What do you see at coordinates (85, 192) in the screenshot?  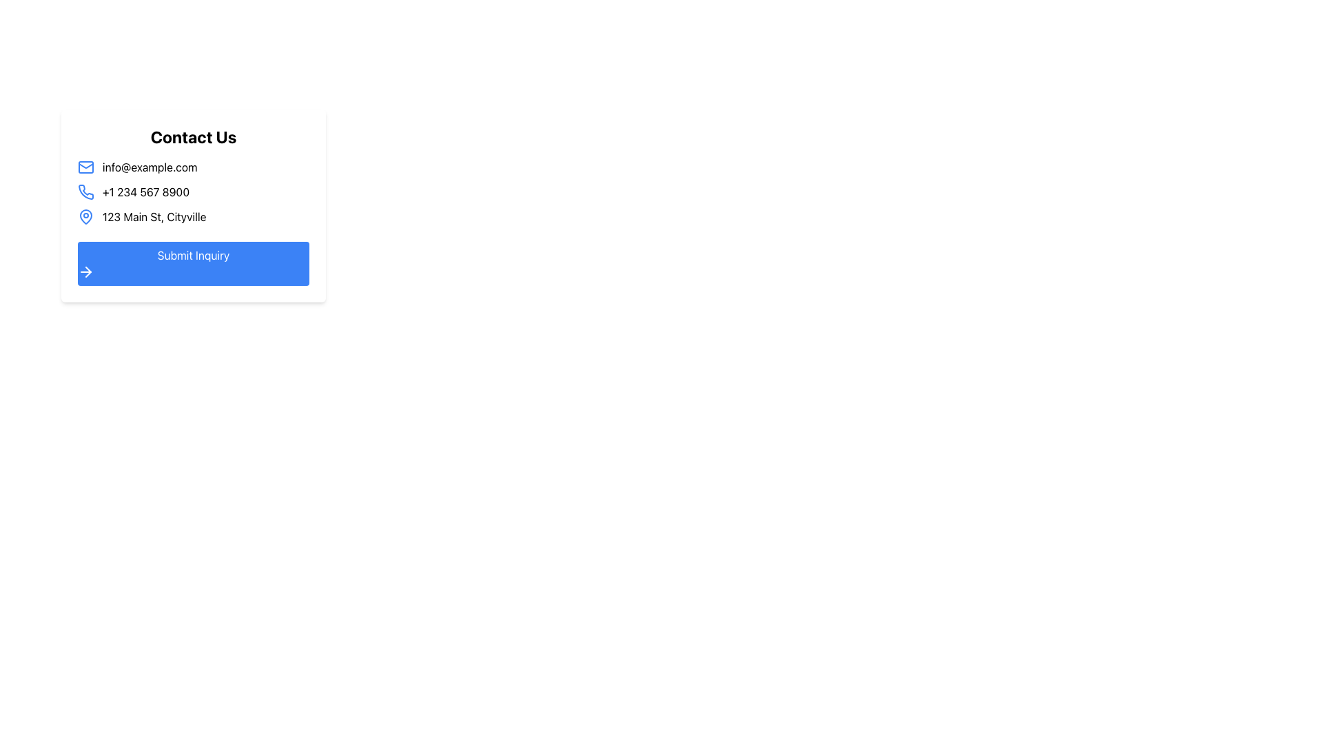 I see `the phone icon element, which is a blue vector illustration located next to the text '+1 234 567 8900' in the contact information section` at bounding box center [85, 192].